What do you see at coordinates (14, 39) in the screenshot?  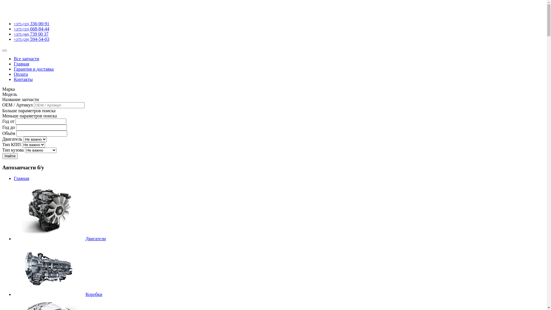 I see `'+375 (29) 594-54-03'` at bounding box center [14, 39].